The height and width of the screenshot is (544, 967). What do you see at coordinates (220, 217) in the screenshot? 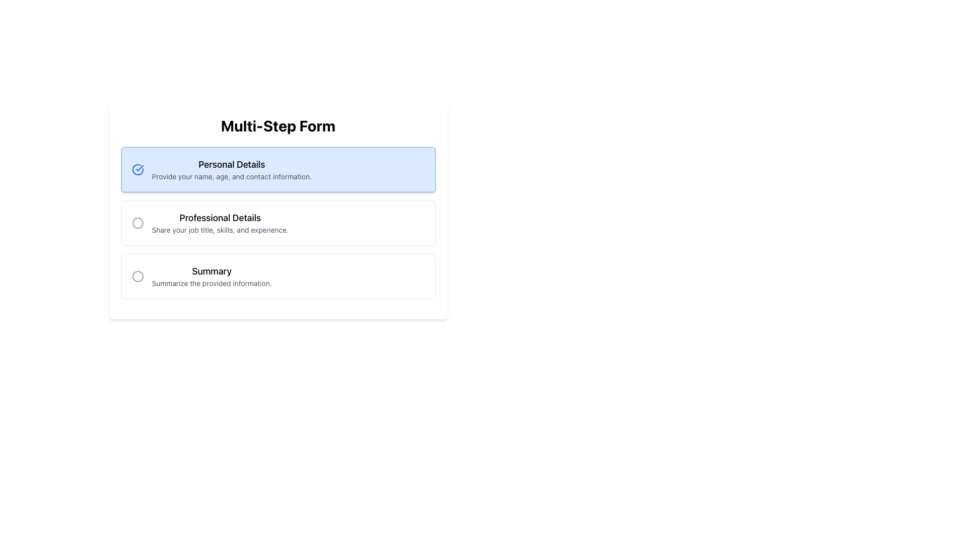
I see `the title text labeled 'Professional Details', which is bolded and larger than surrounding text, positioned centrally within a multi-step form layout` at bounding box center [220, 217].